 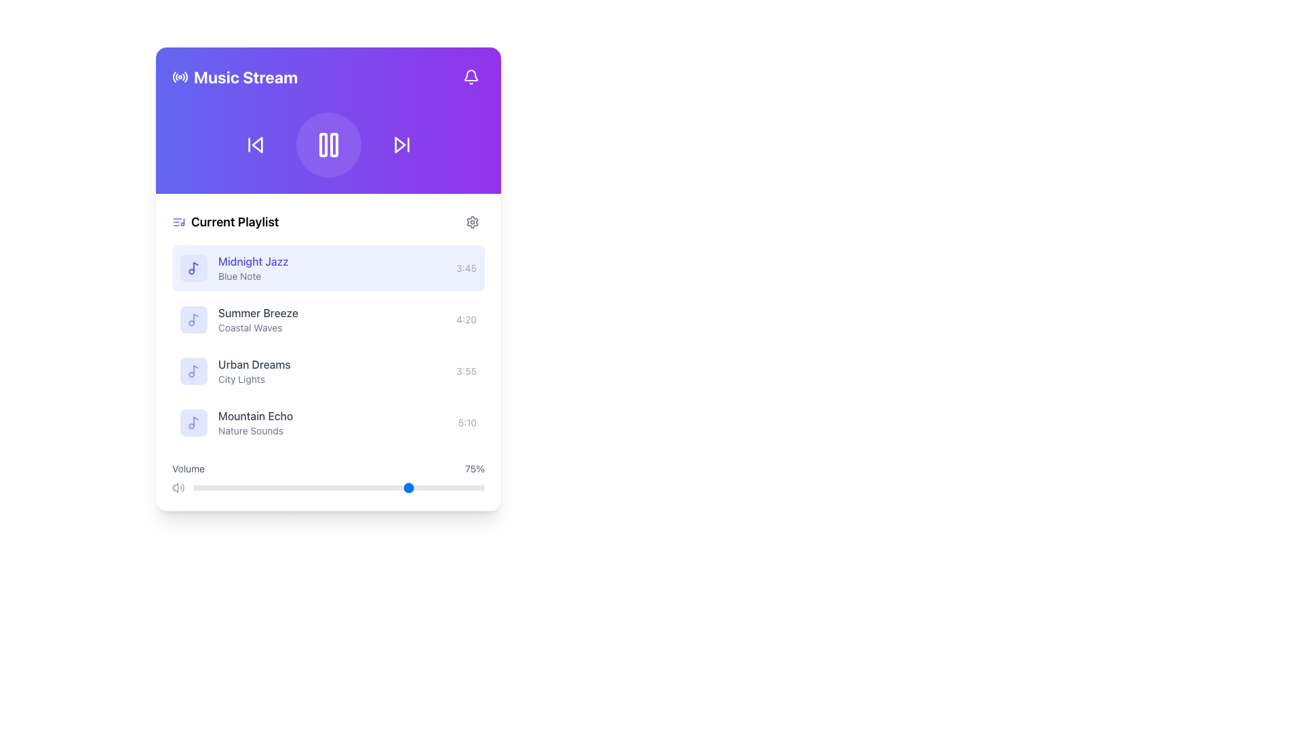 What do you see at coordinates (467, 371) in the screenshot?
I see `the text label indicating the duration of the track 'Urban Dreams', located in the bottom-right corner of the playlist item in the 'Current Playlist' section` at bounding box center [467, 371].